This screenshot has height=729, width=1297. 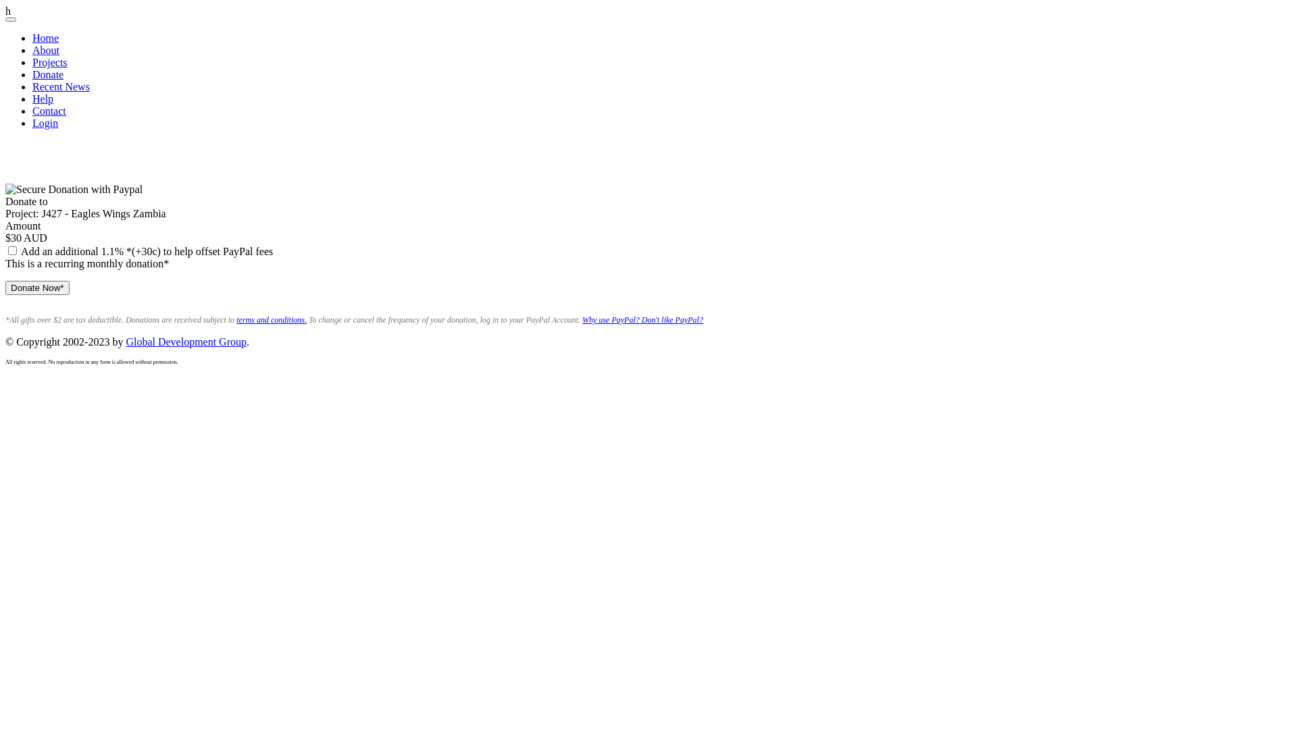 I want to click on 'Contact', so click(x=49, y=110).